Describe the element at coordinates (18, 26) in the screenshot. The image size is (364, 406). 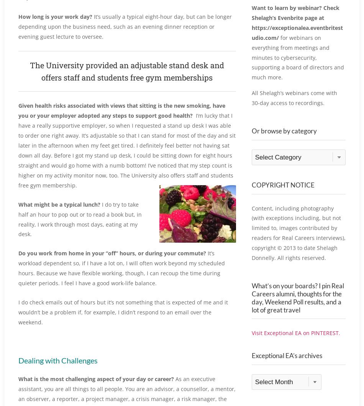
I see `'It’s usually a typical eight-hour day, but can be longer depending upon the business need, such as an evening dinner reception or evening guest lecture to oversee.'` at that location.